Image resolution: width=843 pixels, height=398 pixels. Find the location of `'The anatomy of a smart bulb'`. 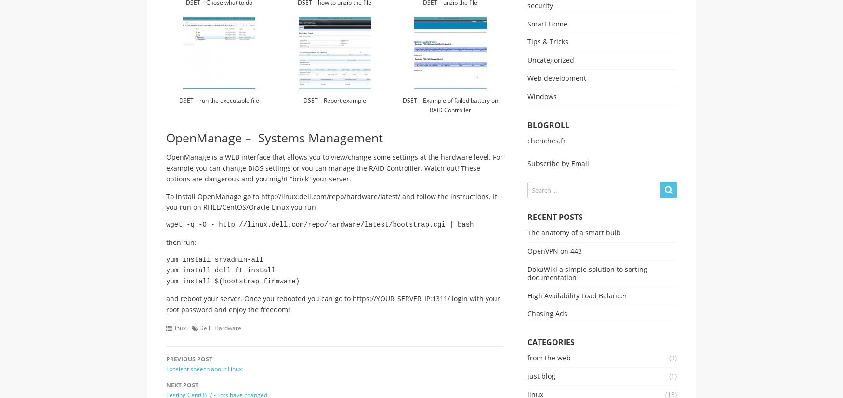

'The anatomy of a smart bulb' is located at coordinates (574, 232).